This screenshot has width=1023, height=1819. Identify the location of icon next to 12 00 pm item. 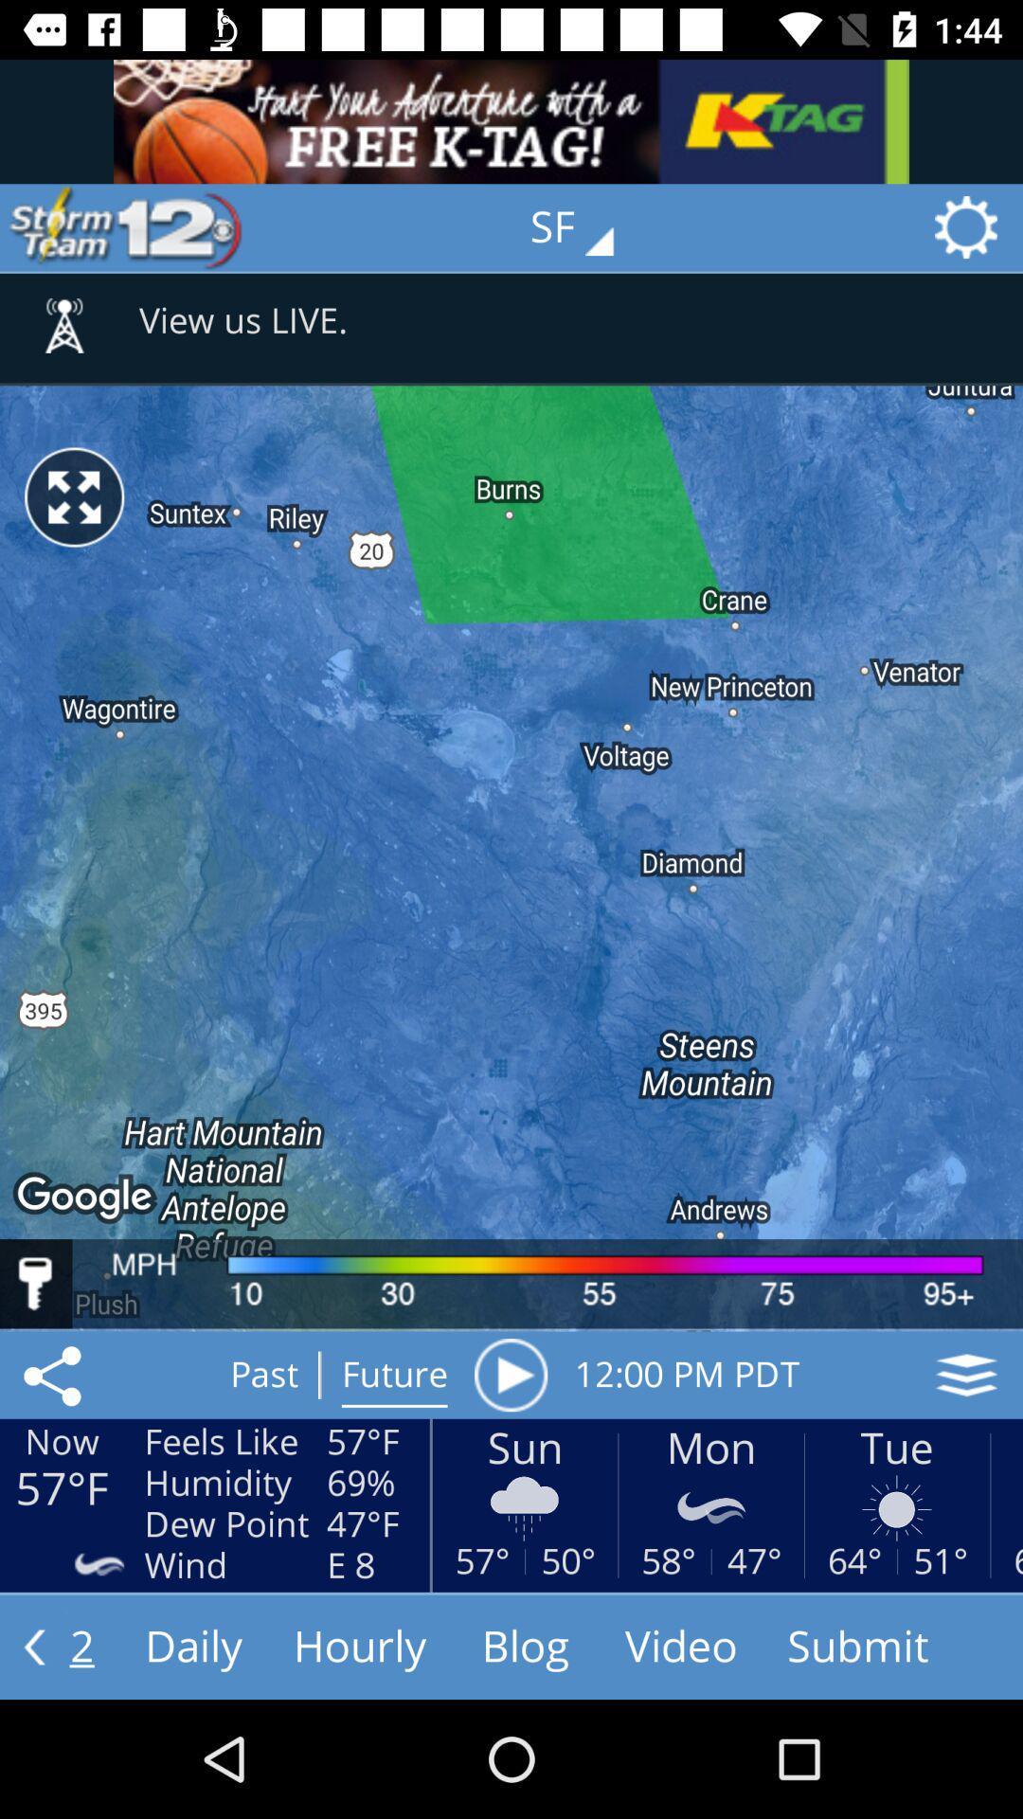
(966, 1375).